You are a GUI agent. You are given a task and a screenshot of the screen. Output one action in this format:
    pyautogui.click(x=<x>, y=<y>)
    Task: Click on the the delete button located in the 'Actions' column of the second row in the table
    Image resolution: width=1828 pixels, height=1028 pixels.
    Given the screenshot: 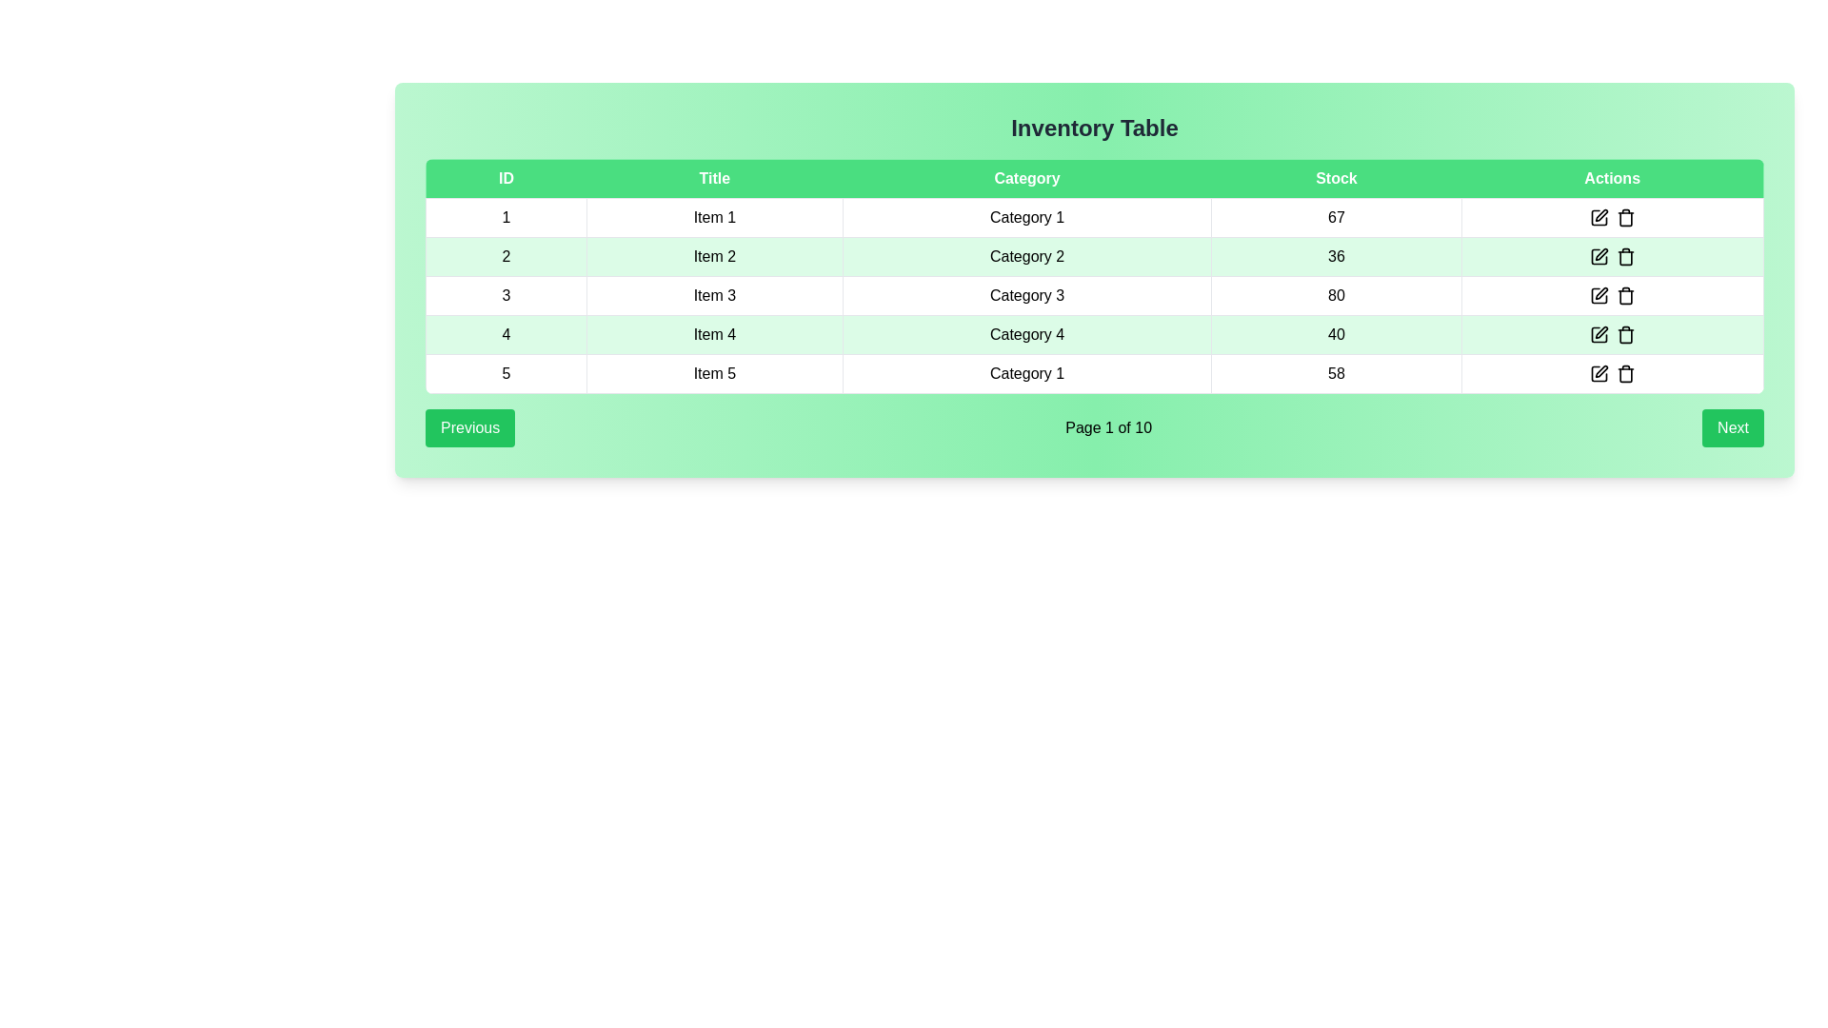 What is the action you would take?
    pyautogui.click(x=1625, y=257)
    